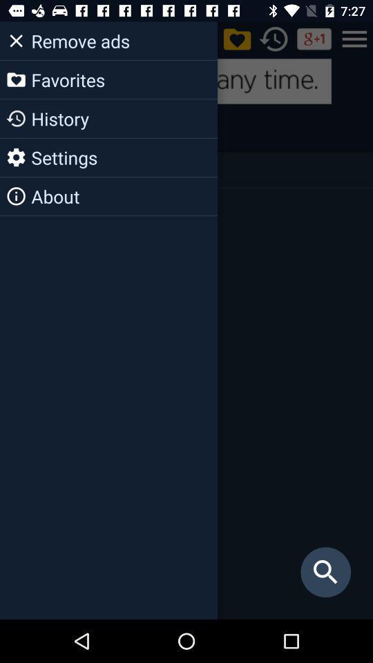  What do you see at coordinates (92, 38) in the screenshot?
I see `the more icon` at bounding box center [92, 38].